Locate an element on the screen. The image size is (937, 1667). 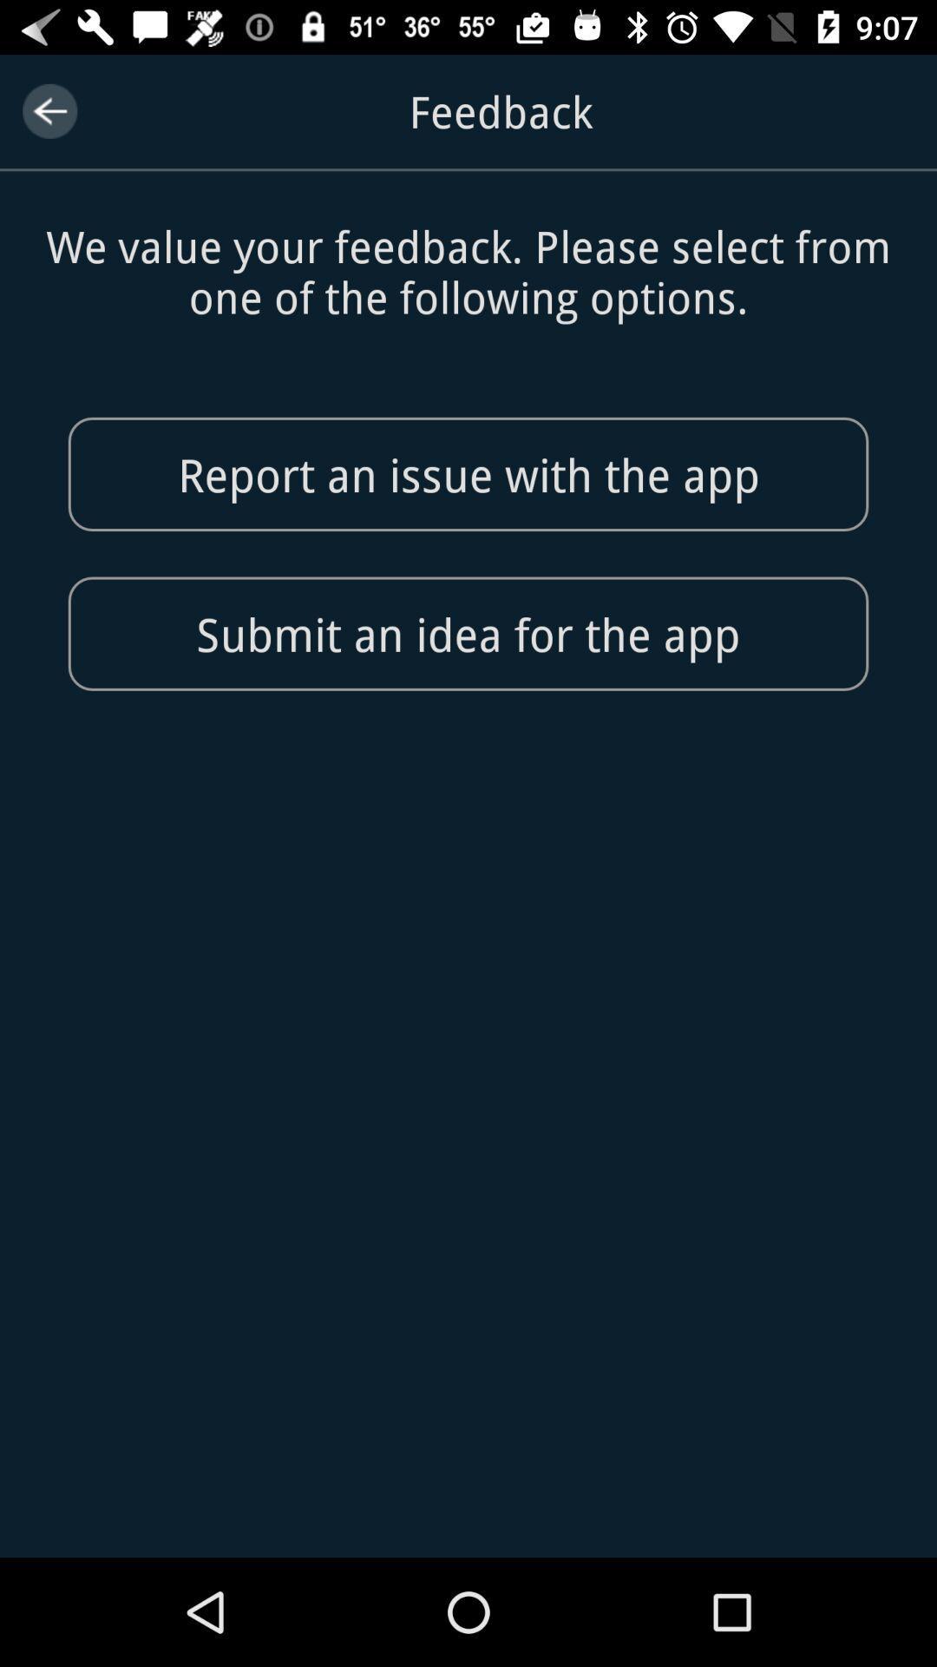
the arrow_backward icon is located at coordinates (49, 110).